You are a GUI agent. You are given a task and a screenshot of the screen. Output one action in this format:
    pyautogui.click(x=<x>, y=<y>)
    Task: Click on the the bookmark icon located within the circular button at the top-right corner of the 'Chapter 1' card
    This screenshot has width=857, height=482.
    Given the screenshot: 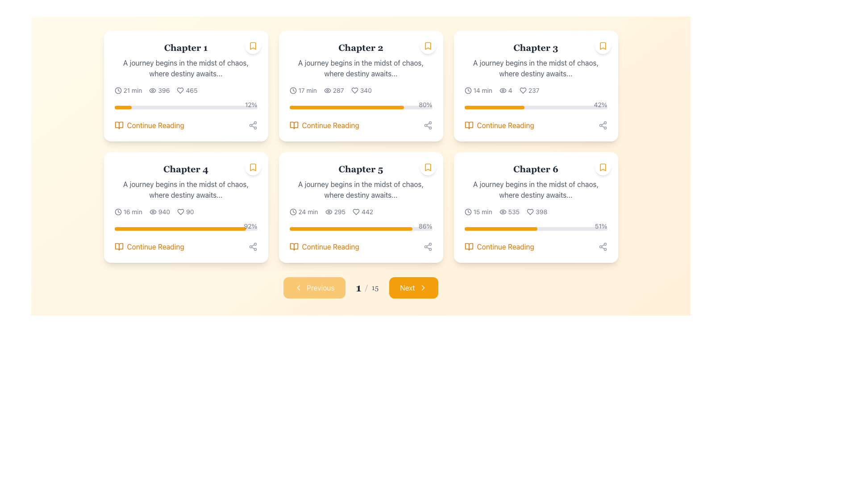 What is the action you would take?
    pyautogui.click(x=252, y=46)
    